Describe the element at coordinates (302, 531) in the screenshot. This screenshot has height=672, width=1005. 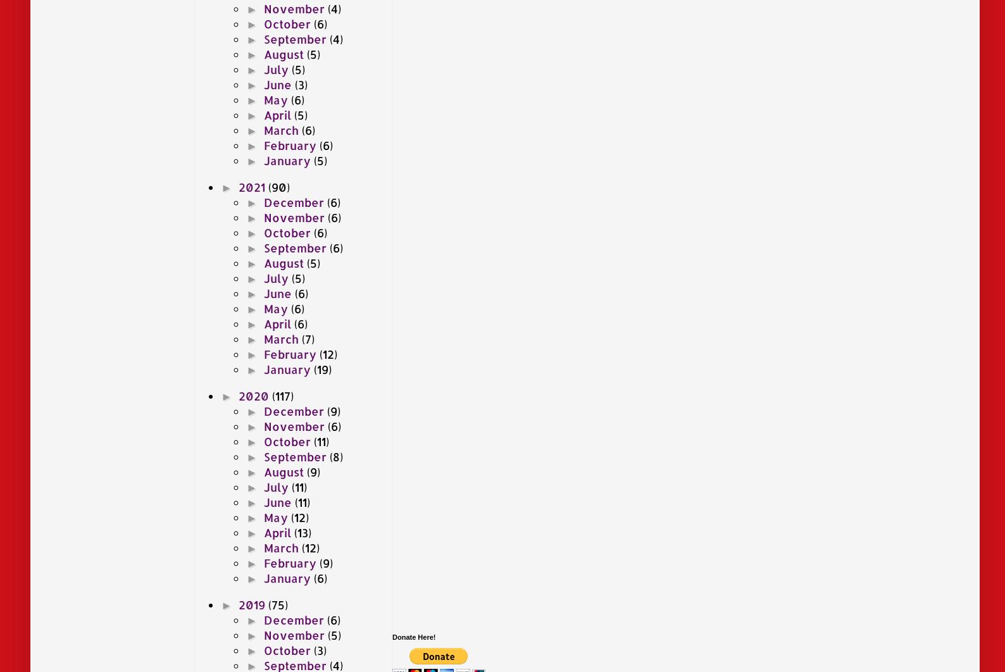
I see `'(13)'` at that location.